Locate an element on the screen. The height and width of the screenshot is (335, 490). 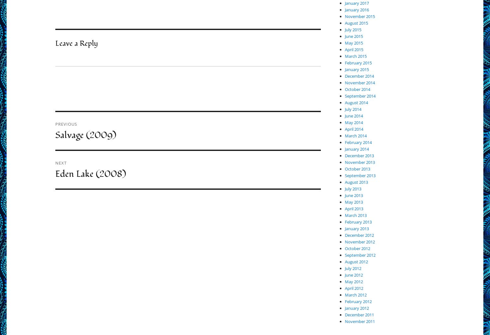
'September 2012' is located at coordinates (360, 255).